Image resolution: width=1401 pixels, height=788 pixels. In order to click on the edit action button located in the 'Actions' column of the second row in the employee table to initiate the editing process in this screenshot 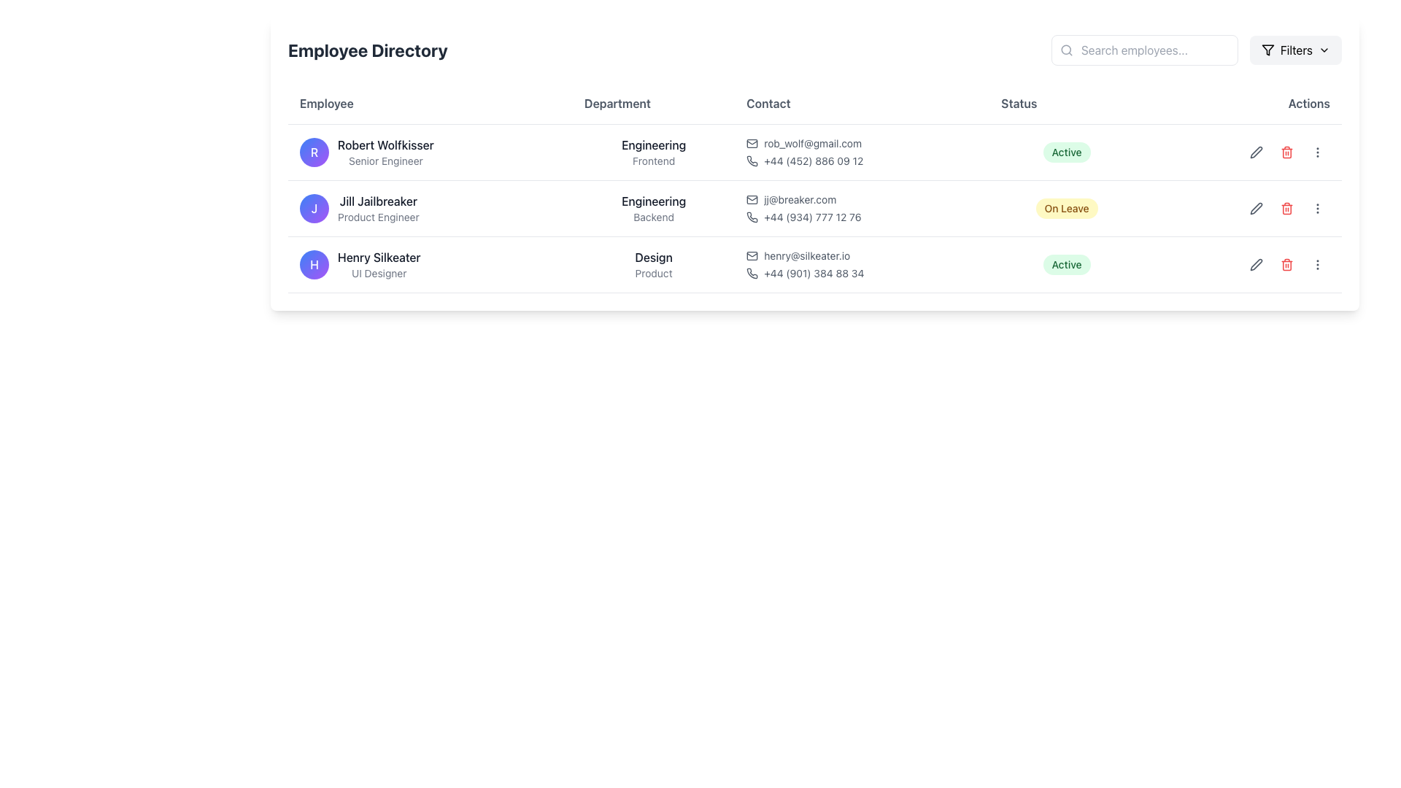, I will do `click(1256, 208)`.